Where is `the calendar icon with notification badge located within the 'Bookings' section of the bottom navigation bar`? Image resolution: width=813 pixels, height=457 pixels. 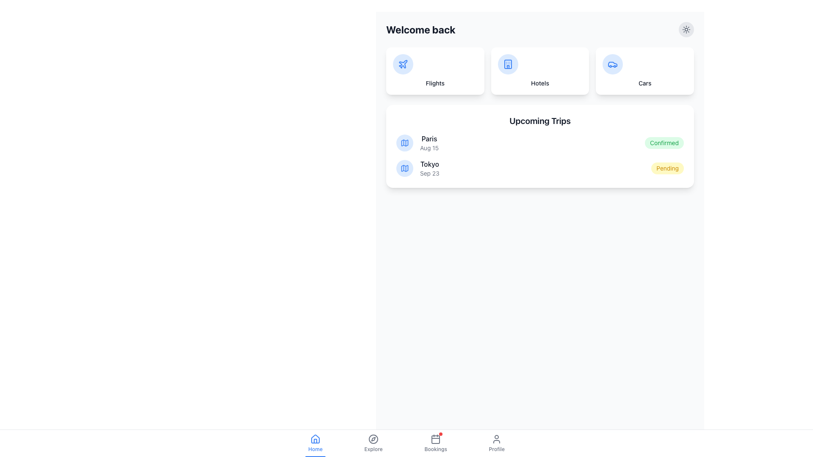
the calendar icon with notification badge located within the 'Bookings' section of the bottom navigation bar is located at coordinates (436, 438).